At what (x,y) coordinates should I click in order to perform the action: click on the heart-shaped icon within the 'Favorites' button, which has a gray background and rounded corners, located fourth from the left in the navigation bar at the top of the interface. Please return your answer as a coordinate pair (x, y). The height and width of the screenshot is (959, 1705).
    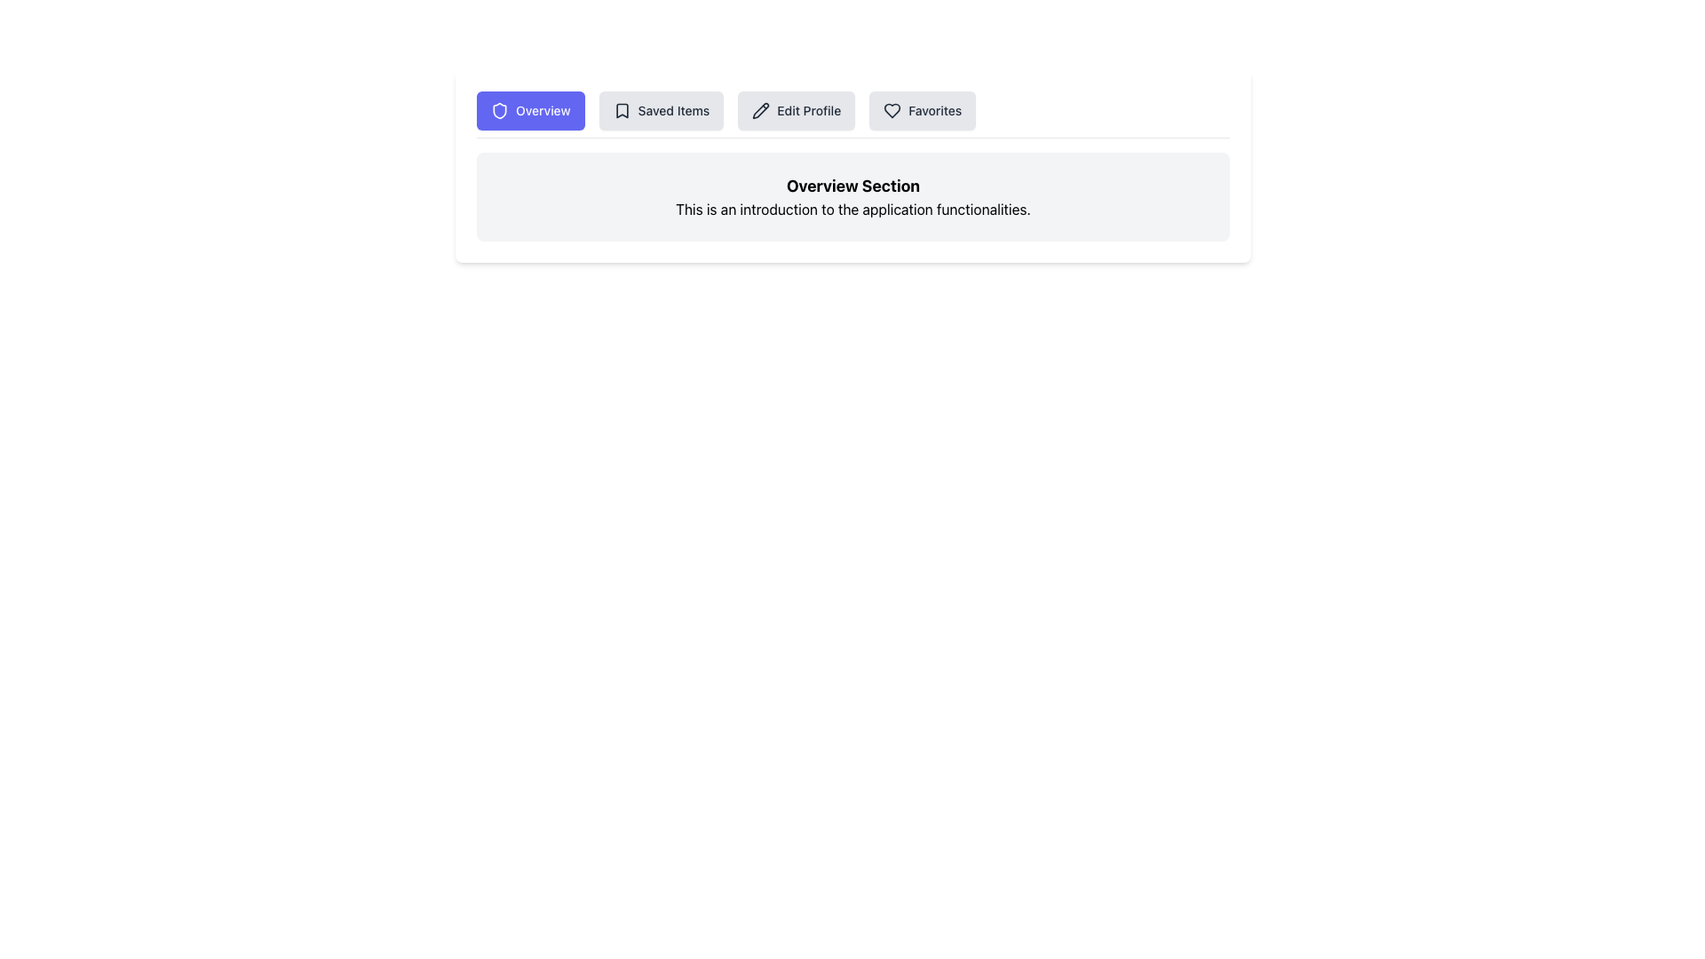
    Looking at the image, I should click on (892, 110).